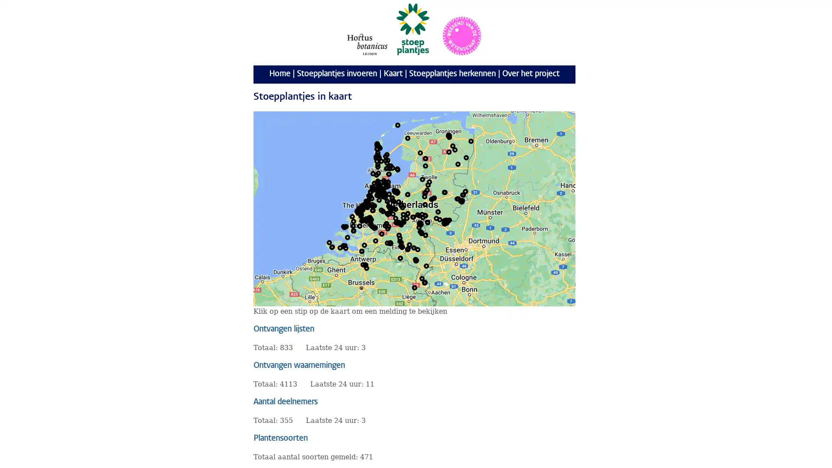 This screenshot has height=468, width=832. I want to click on Zoom in, so click(562, 269).